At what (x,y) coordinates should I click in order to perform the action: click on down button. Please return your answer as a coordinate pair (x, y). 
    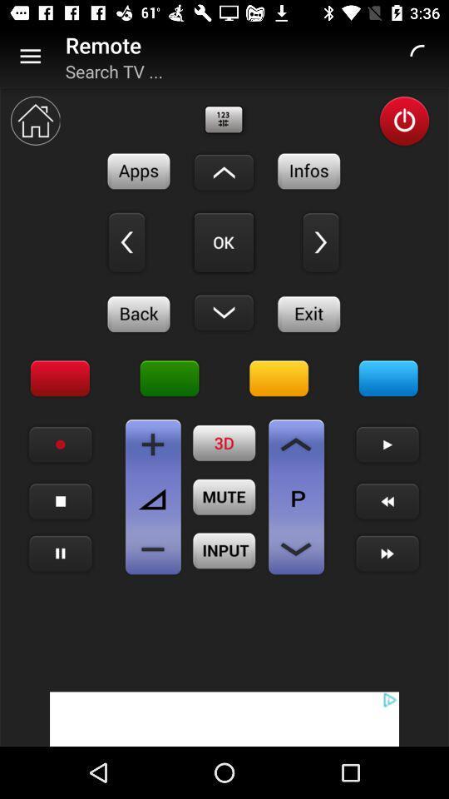
    Looking at the image, I should click on (224, 311).